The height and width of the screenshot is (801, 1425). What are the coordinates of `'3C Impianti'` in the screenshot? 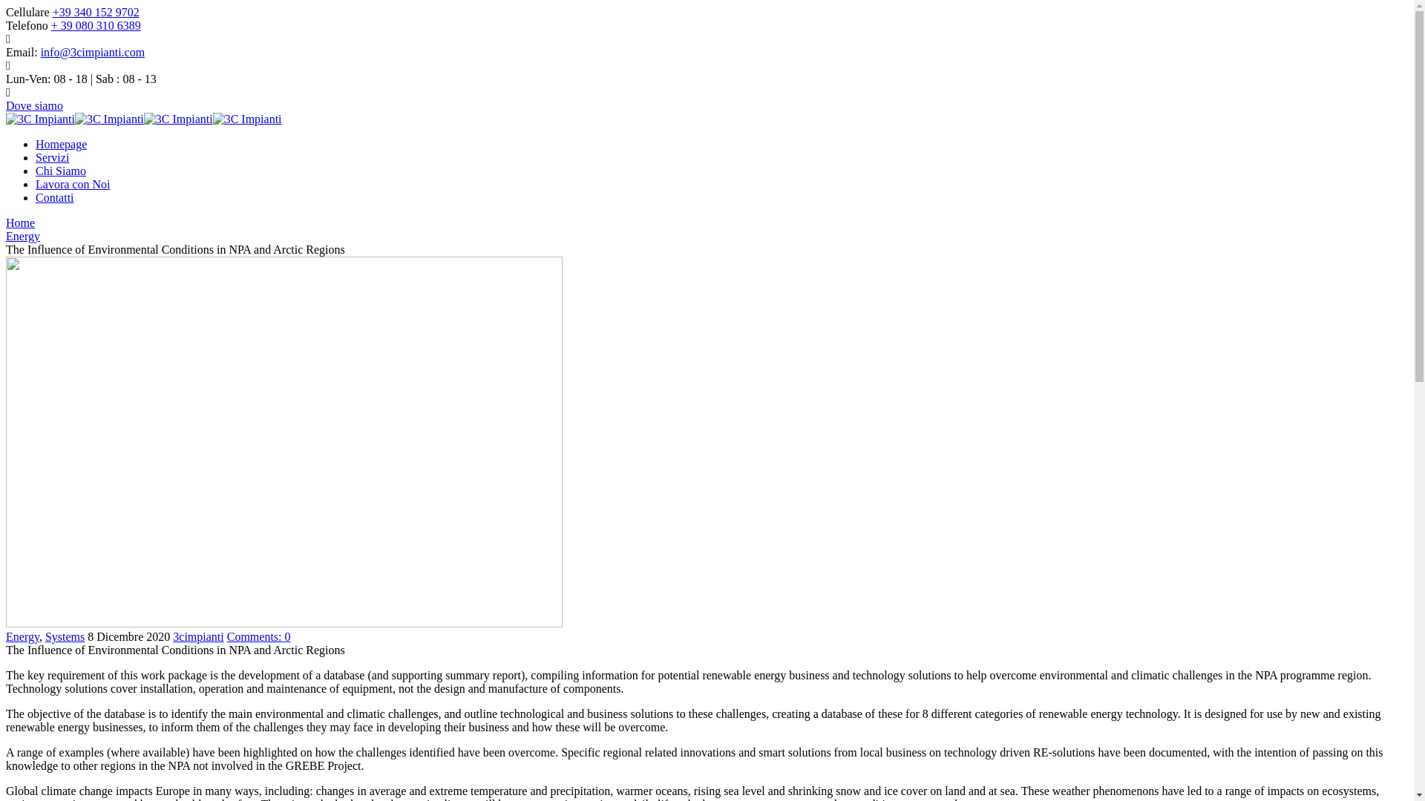 It's located at (212, 118).